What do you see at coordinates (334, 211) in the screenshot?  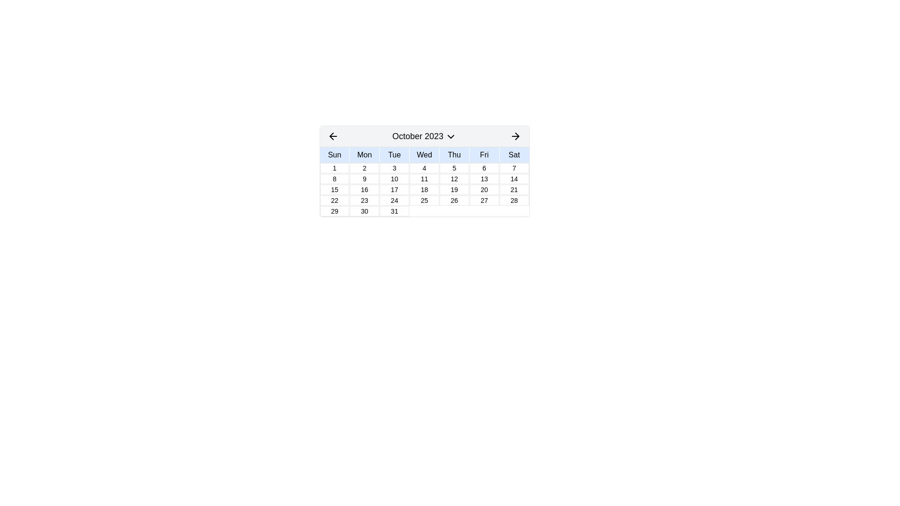 I see `the Calendar Day Cell displaying '29' in the sixth row and first column of the month view calendar` at bounding box center [334, 211].